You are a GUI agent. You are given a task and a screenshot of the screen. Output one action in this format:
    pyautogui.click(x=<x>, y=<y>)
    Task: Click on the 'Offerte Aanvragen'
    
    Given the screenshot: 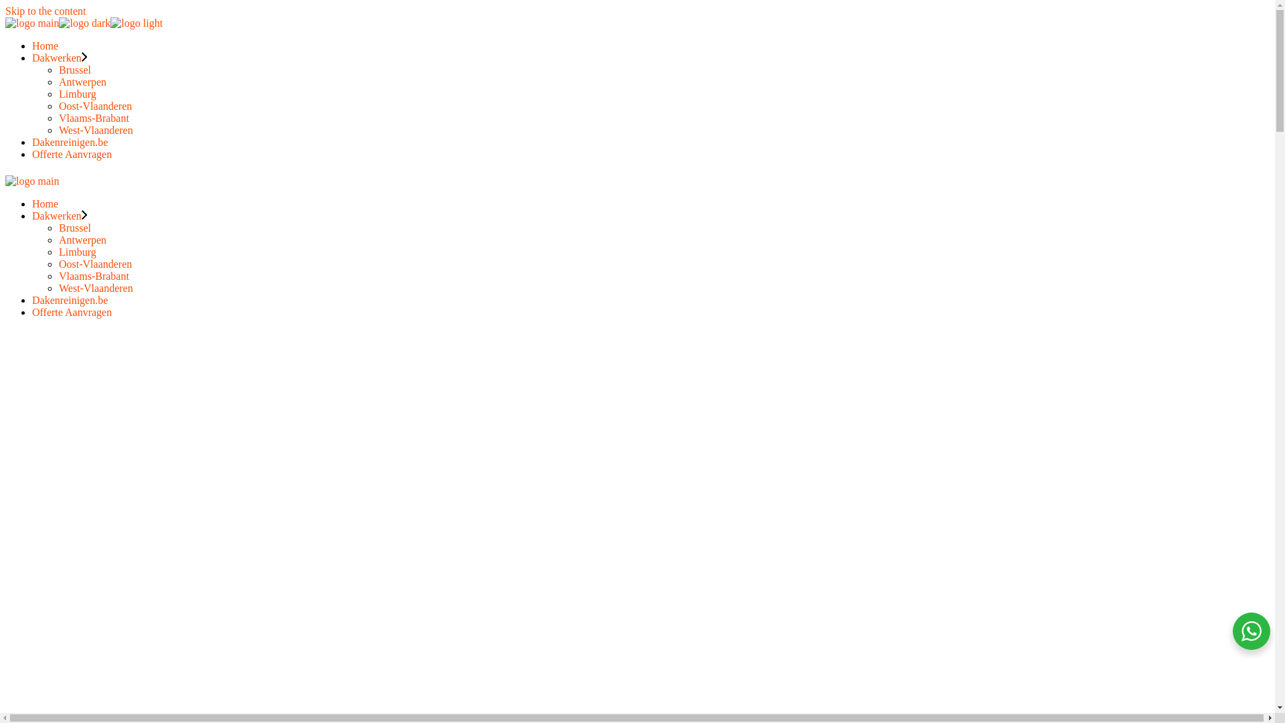 What is the action you would take?
    pyautogui.click(x=71, y=312)
    